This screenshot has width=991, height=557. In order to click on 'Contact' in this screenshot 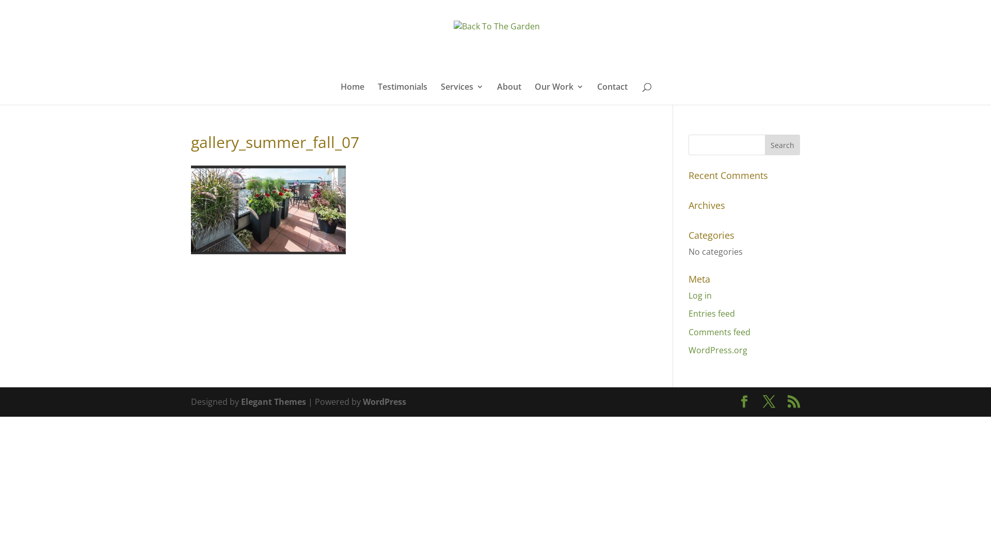, I will do `click(612, 93)`.